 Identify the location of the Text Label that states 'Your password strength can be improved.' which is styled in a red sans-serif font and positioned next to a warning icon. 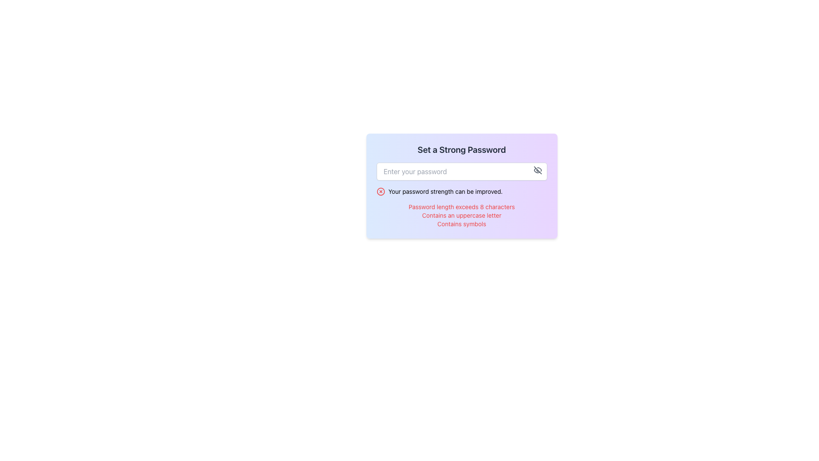
(445, 191).